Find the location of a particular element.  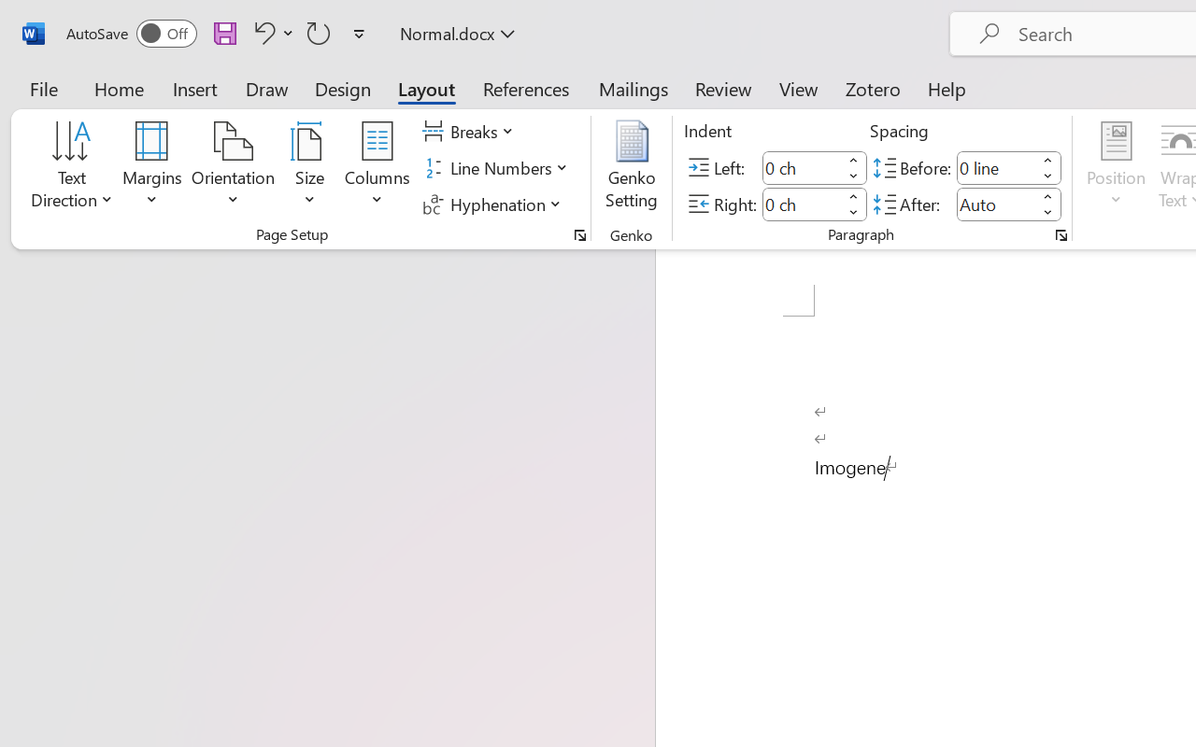

'Hyphenation' is located at coordinates (494, 204).